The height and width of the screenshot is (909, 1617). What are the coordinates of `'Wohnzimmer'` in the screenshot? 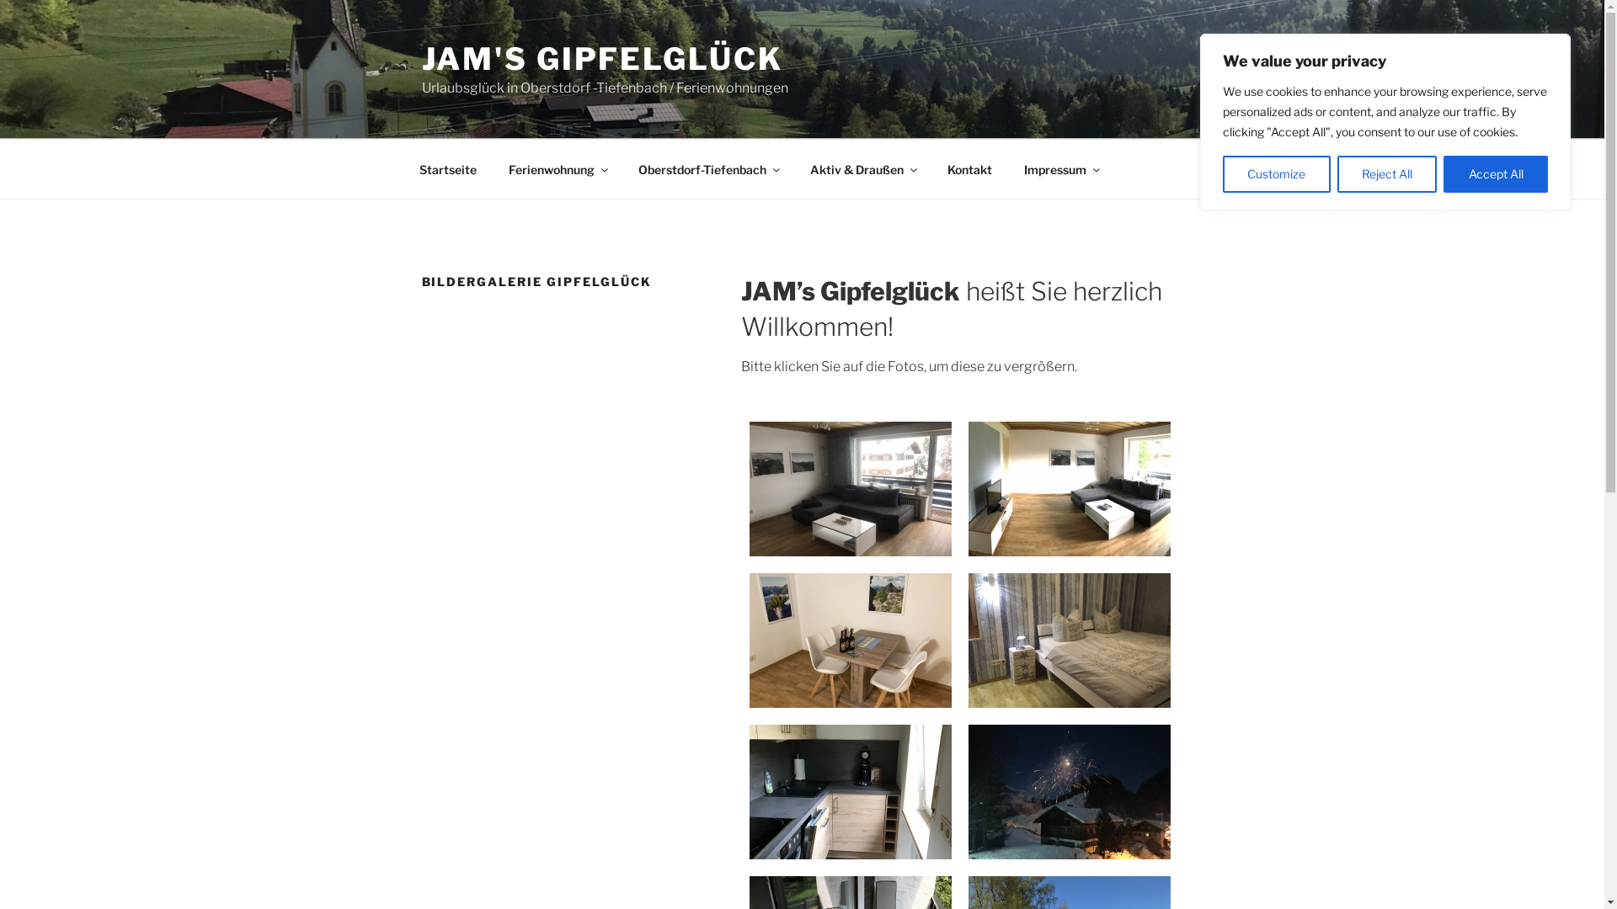 It's located at (850, 489).